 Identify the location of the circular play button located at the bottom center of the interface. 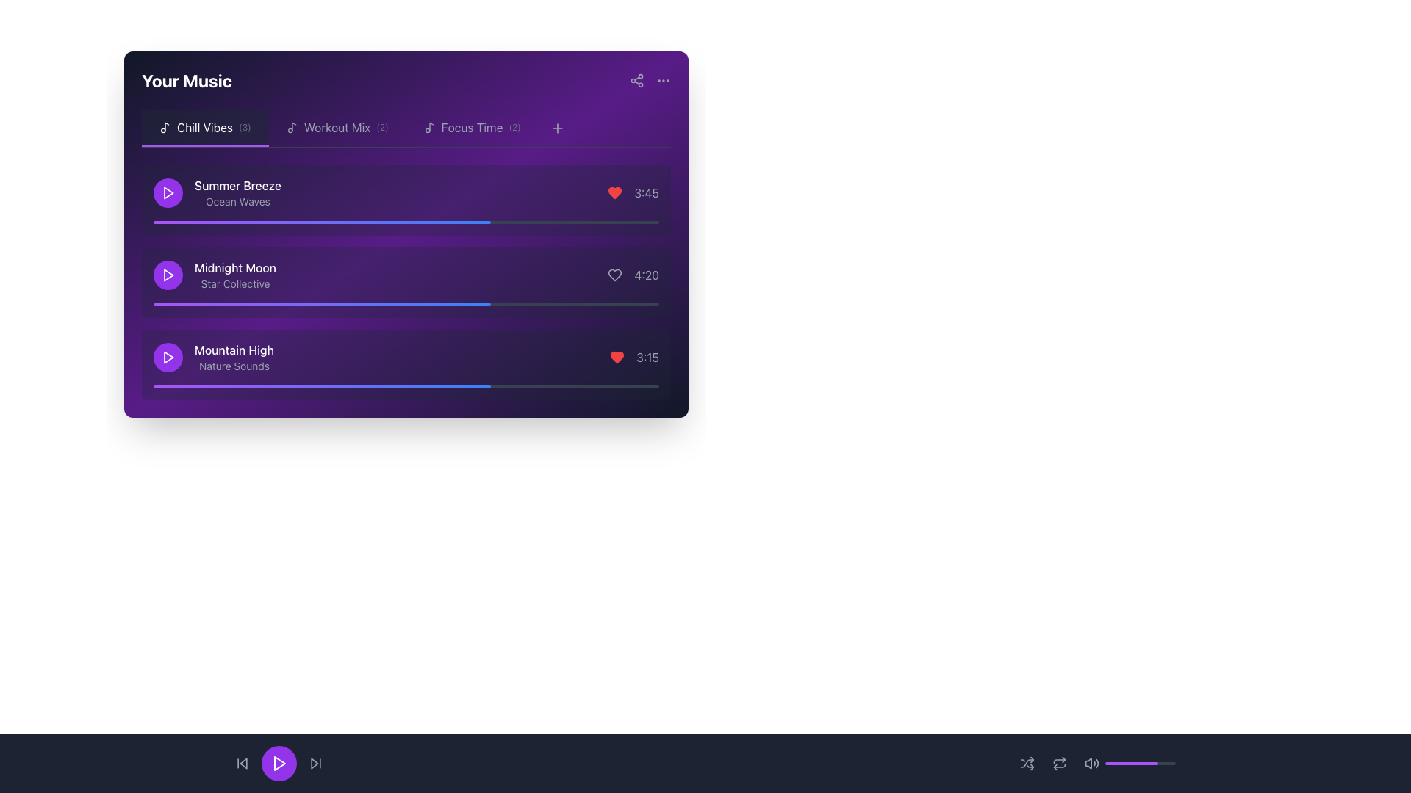
(279, 763).